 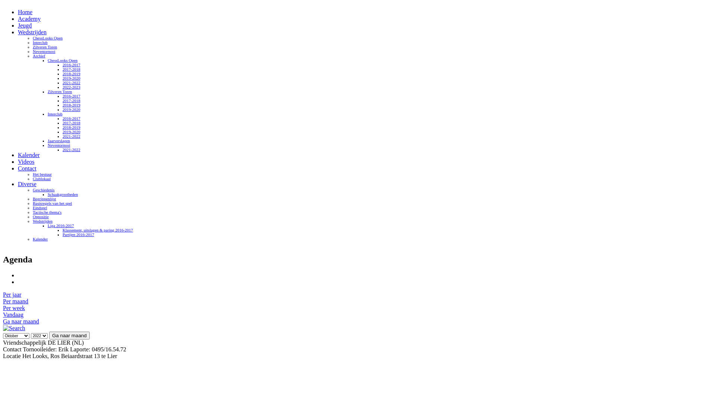 I want to click on '2021-2022', so click(x=71, y=149).